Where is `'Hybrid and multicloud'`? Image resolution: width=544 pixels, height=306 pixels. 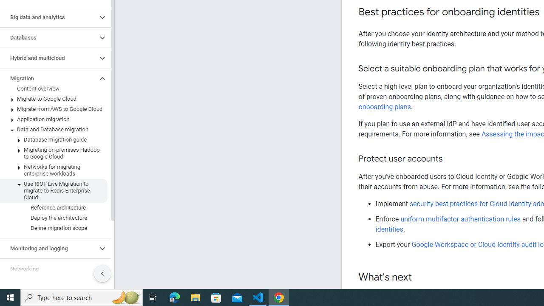
'Hybrid and multicloud' is located at coordinates (48, 58).